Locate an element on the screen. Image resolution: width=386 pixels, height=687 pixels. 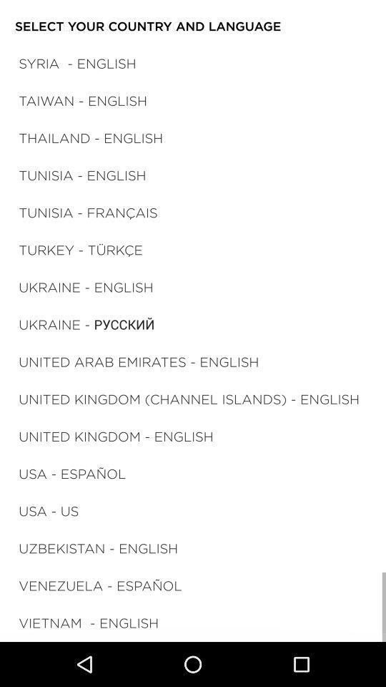
the item above the uzbekistan - english icon is located at coordinates (48, 511).